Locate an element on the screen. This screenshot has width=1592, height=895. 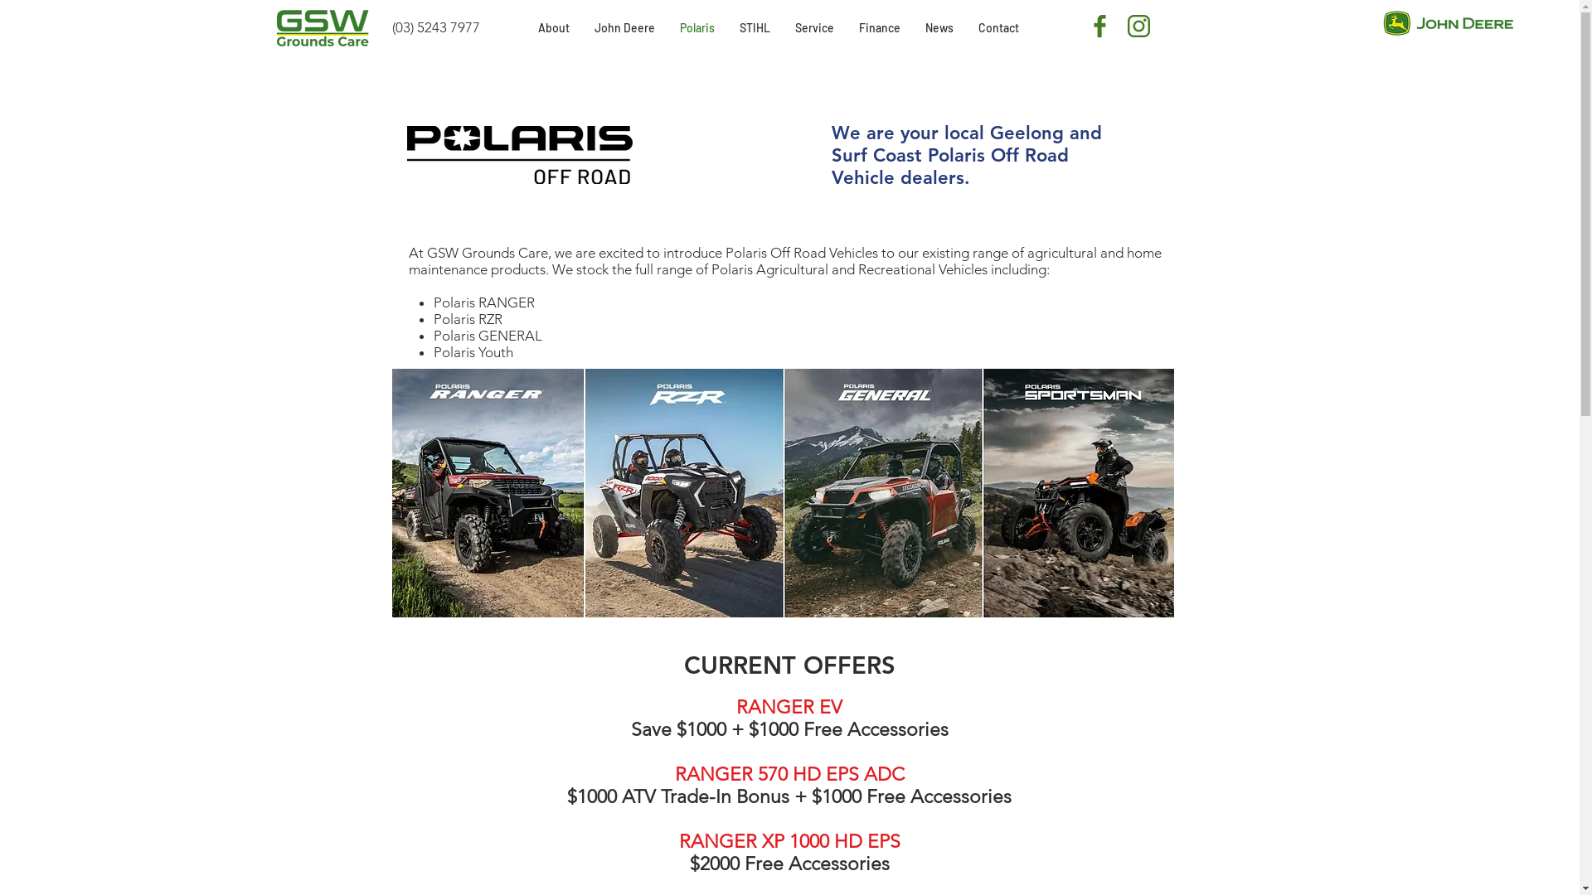
'GSW Grounds Care logo -03 v2.png' is located at coordinates (274, 28).